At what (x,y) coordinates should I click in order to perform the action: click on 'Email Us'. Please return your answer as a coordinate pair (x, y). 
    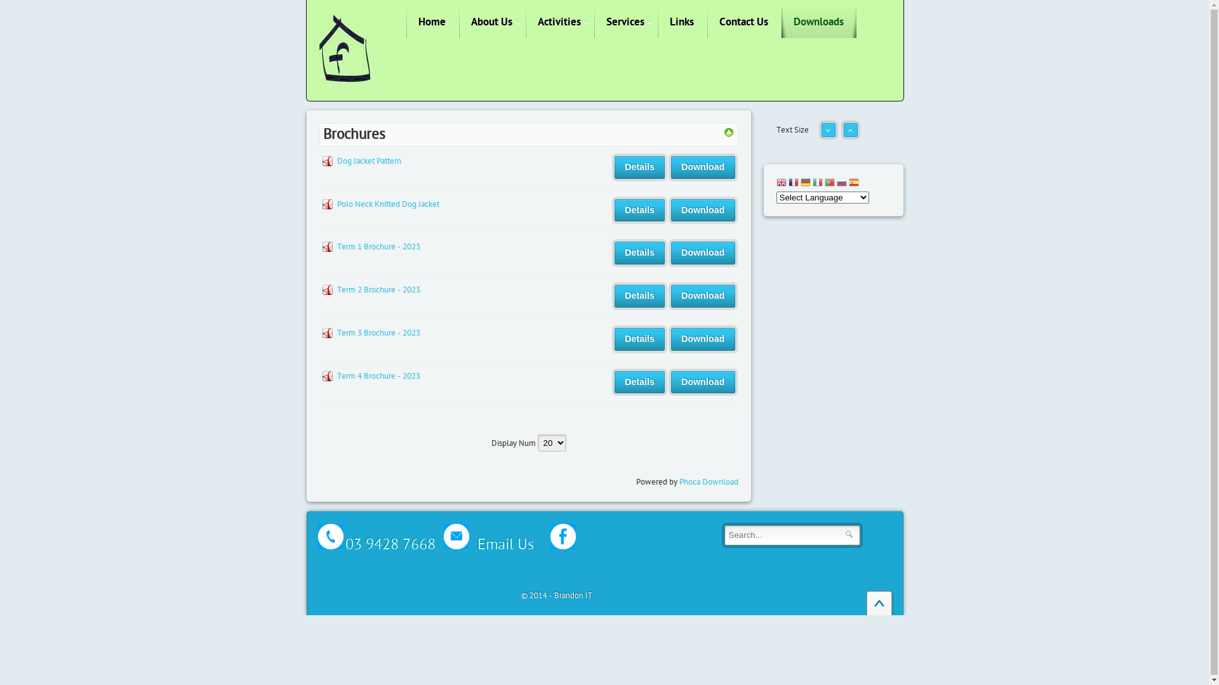
    Looking at the image, I should click on (436, 540).